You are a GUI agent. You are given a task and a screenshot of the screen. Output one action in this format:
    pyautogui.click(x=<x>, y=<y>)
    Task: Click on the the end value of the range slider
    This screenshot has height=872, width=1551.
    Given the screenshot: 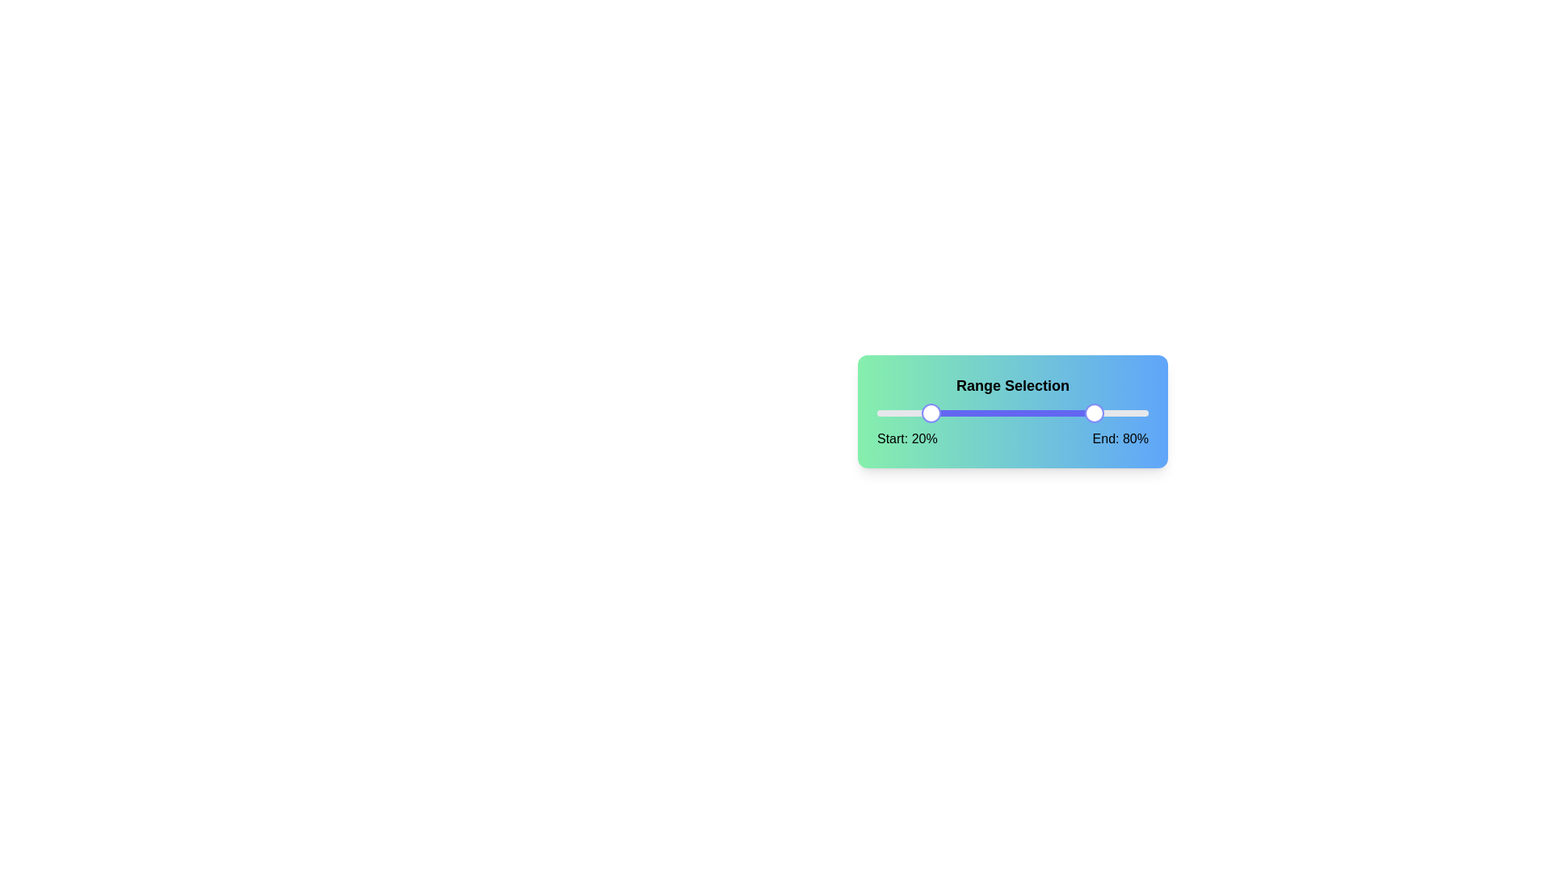 What is the action you would take?
    pyautogui.click(x=1094, y=413)
    